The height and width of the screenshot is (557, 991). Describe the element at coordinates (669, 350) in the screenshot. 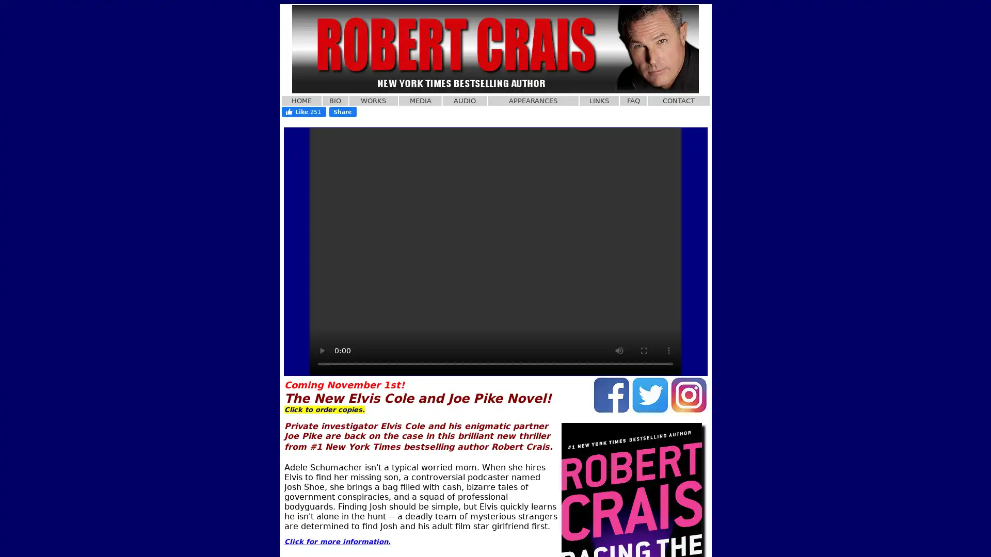

I see `show more media controls` at that location.